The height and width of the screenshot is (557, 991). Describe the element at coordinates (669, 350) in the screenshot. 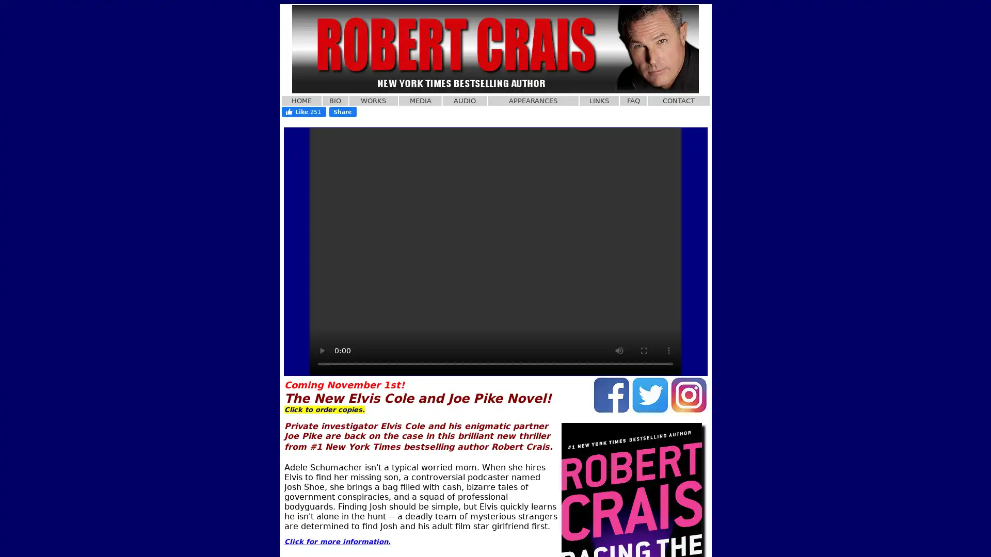

I see `show more media controls` at that location.